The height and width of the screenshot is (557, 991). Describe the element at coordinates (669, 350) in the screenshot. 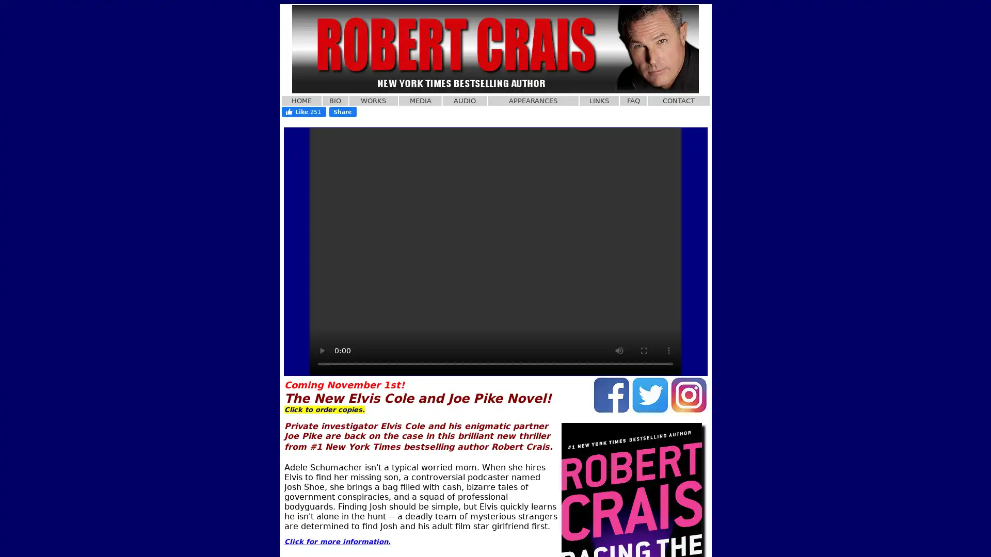

I see `show more media controls` at that location.